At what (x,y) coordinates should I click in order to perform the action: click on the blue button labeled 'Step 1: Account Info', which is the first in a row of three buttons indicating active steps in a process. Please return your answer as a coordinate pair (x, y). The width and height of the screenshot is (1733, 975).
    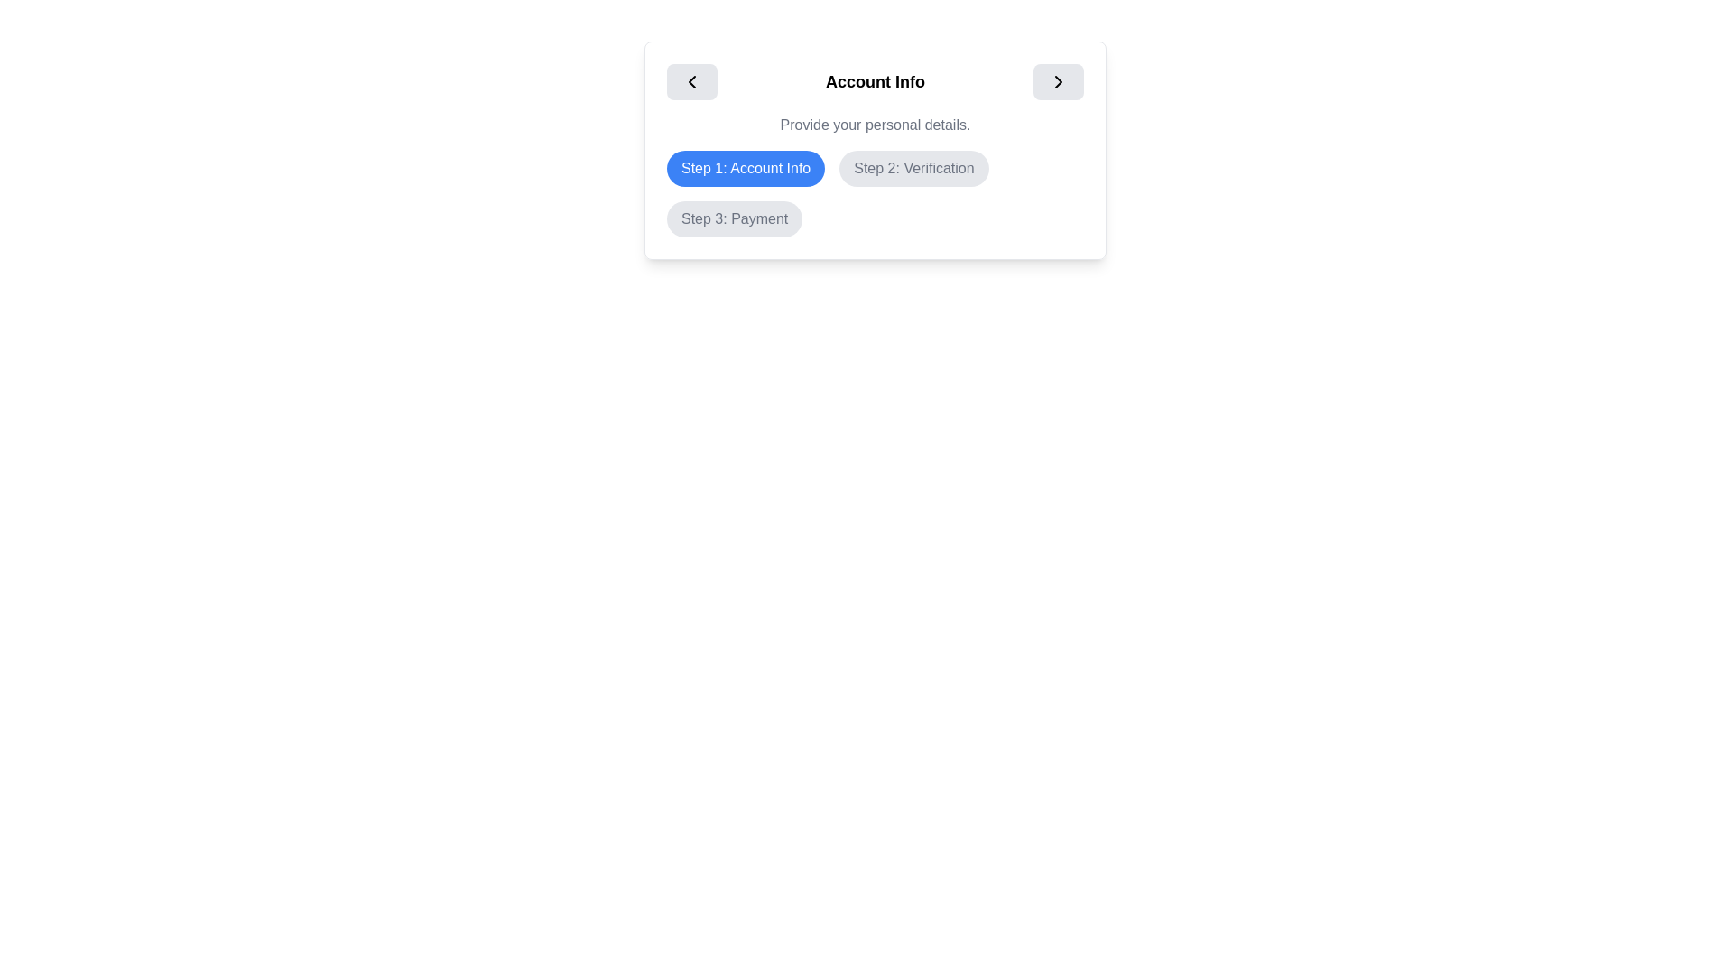
    Looking at the image, I should click on (746, 168).